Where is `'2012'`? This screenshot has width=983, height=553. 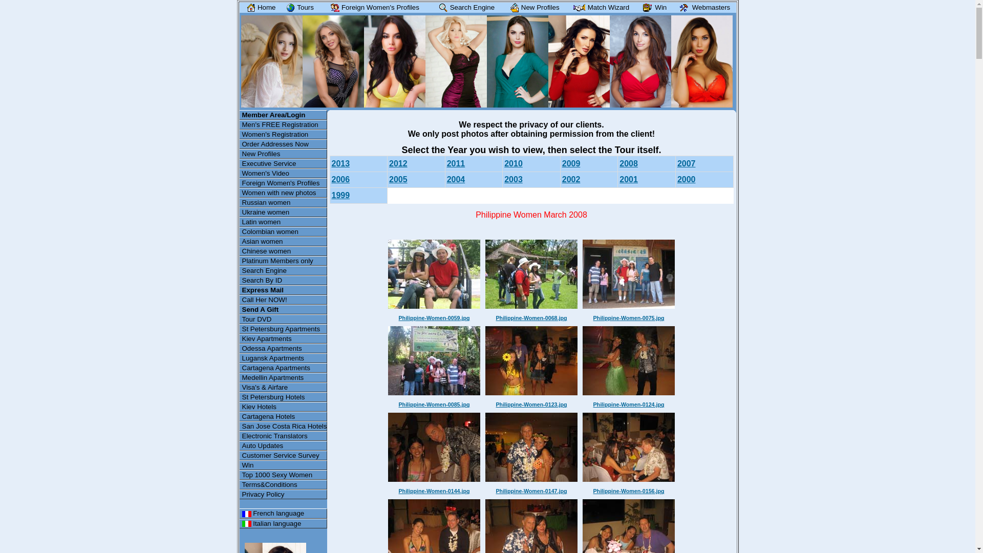
'2012' is located at coordinates (397, 163).